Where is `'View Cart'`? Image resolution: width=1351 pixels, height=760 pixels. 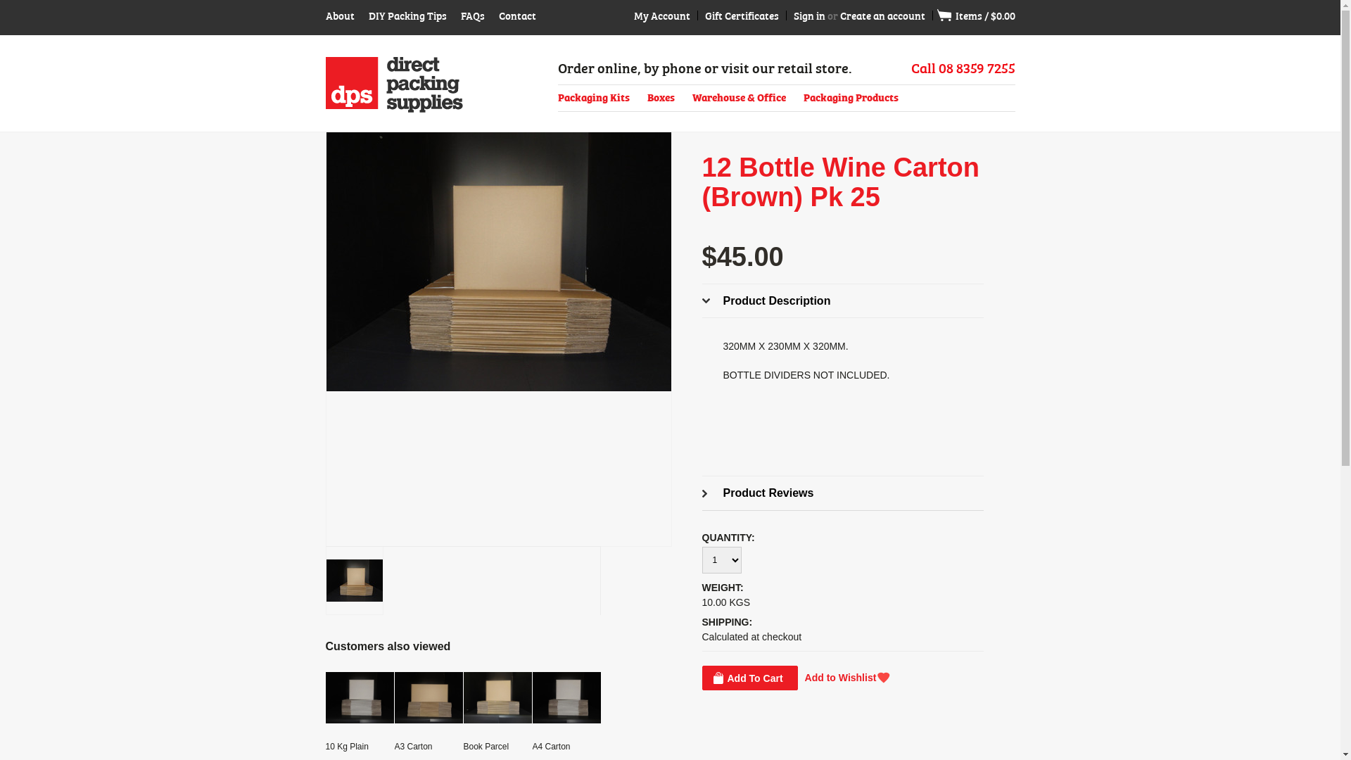
'View Cart' is located at coordinates (949, 15).